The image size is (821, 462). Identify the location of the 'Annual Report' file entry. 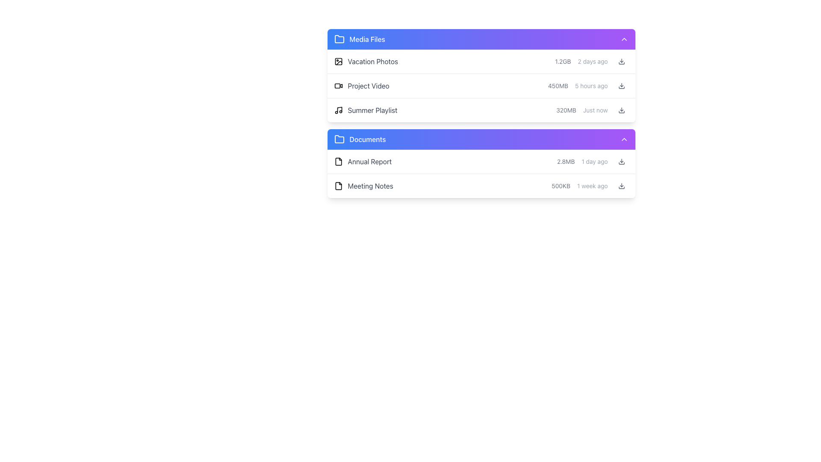
(481, 162).